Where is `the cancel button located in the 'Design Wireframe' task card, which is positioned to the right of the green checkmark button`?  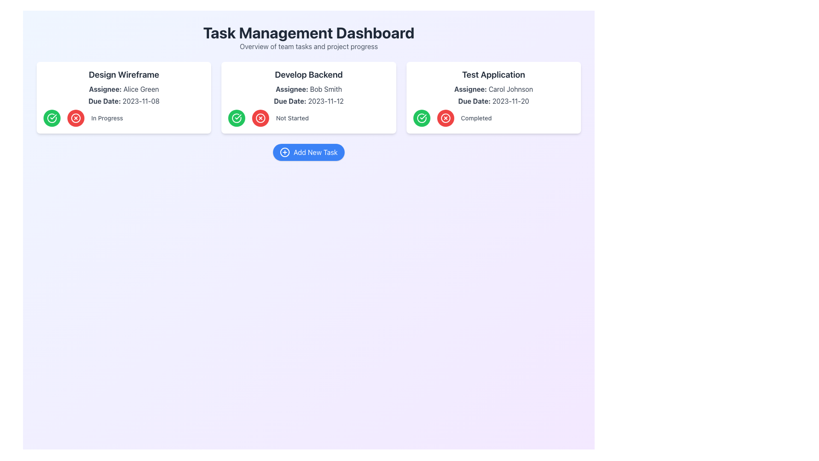 the cancel button located in the 'Design Wireframe' task card, which is positioned to the right of the green checkmark button is located at coordinates (76, 118).